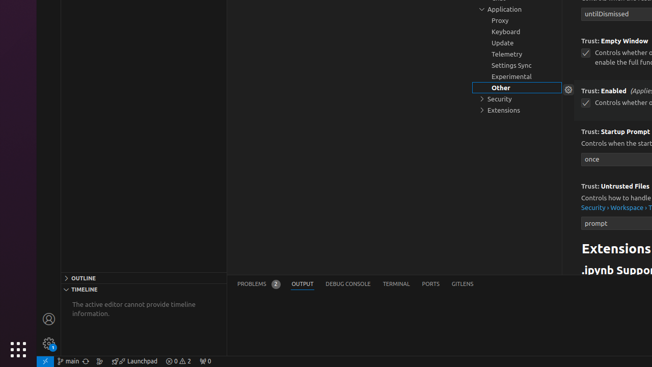 The height and width of the screenshot is (367, 652). I want to click on 'Outline Section', so click(143, 277).